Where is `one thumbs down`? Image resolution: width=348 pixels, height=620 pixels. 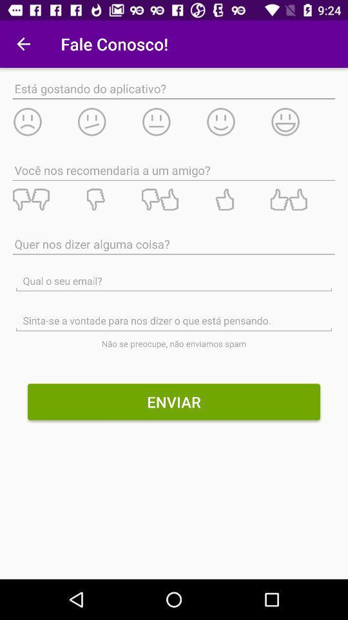 one thumbs down is located at coordinates (108, 200).